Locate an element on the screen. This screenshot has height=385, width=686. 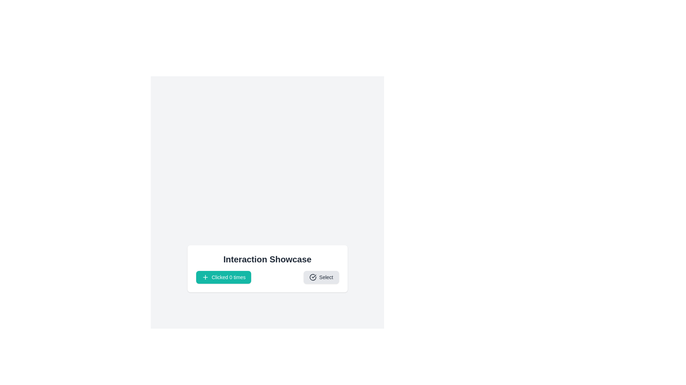
the decorative icon located within the button labeled 'Clicked 0 times' in the lower-left corner is located at coordinates (205, 277).